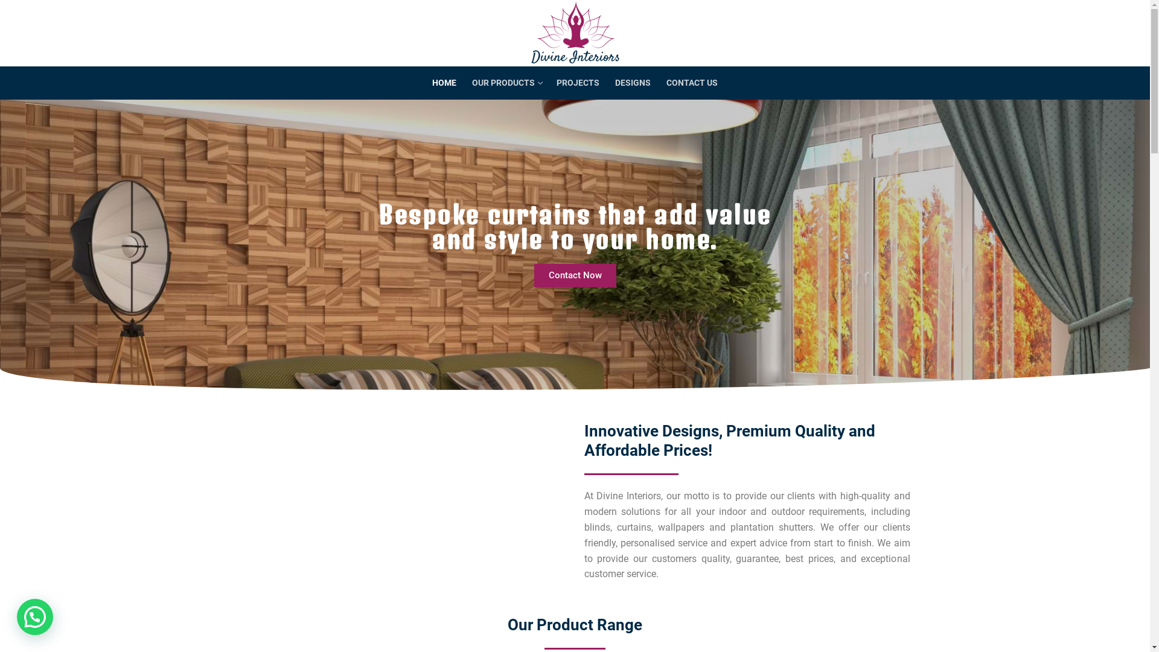 Image resolution: width=1159 pixels, height=652 pixels. What do you see at coordinates (692, 83) in the screenshot?
I see `'CONTACT US'` at bounding box center [692, 83].